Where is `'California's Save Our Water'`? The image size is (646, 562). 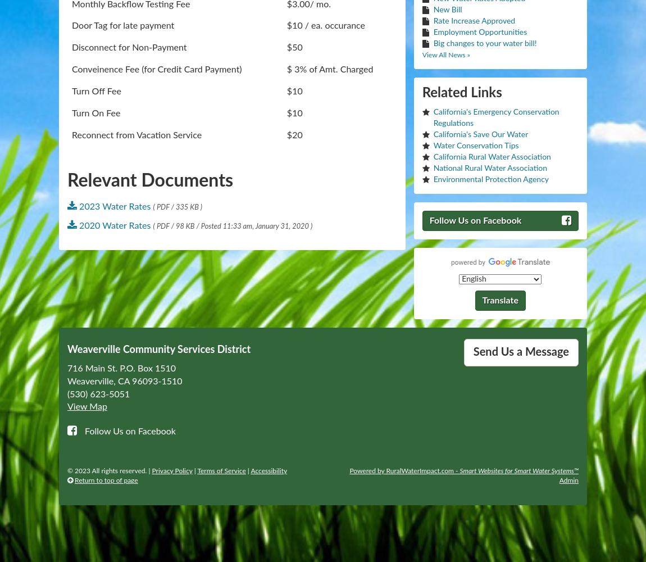
'California's Save Our Water' is located at coordinates (480, 134).